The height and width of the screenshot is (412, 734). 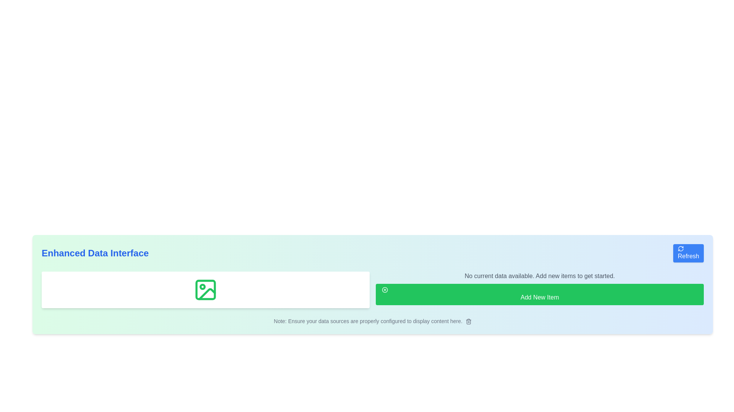 What do you see at coordinates (680, 248) in the screenshot?
I see `the compact circular refresh icon, which is part of the blue 'Refresh' button located at the top-right corner of the interface` at bounding box center [680, 248].